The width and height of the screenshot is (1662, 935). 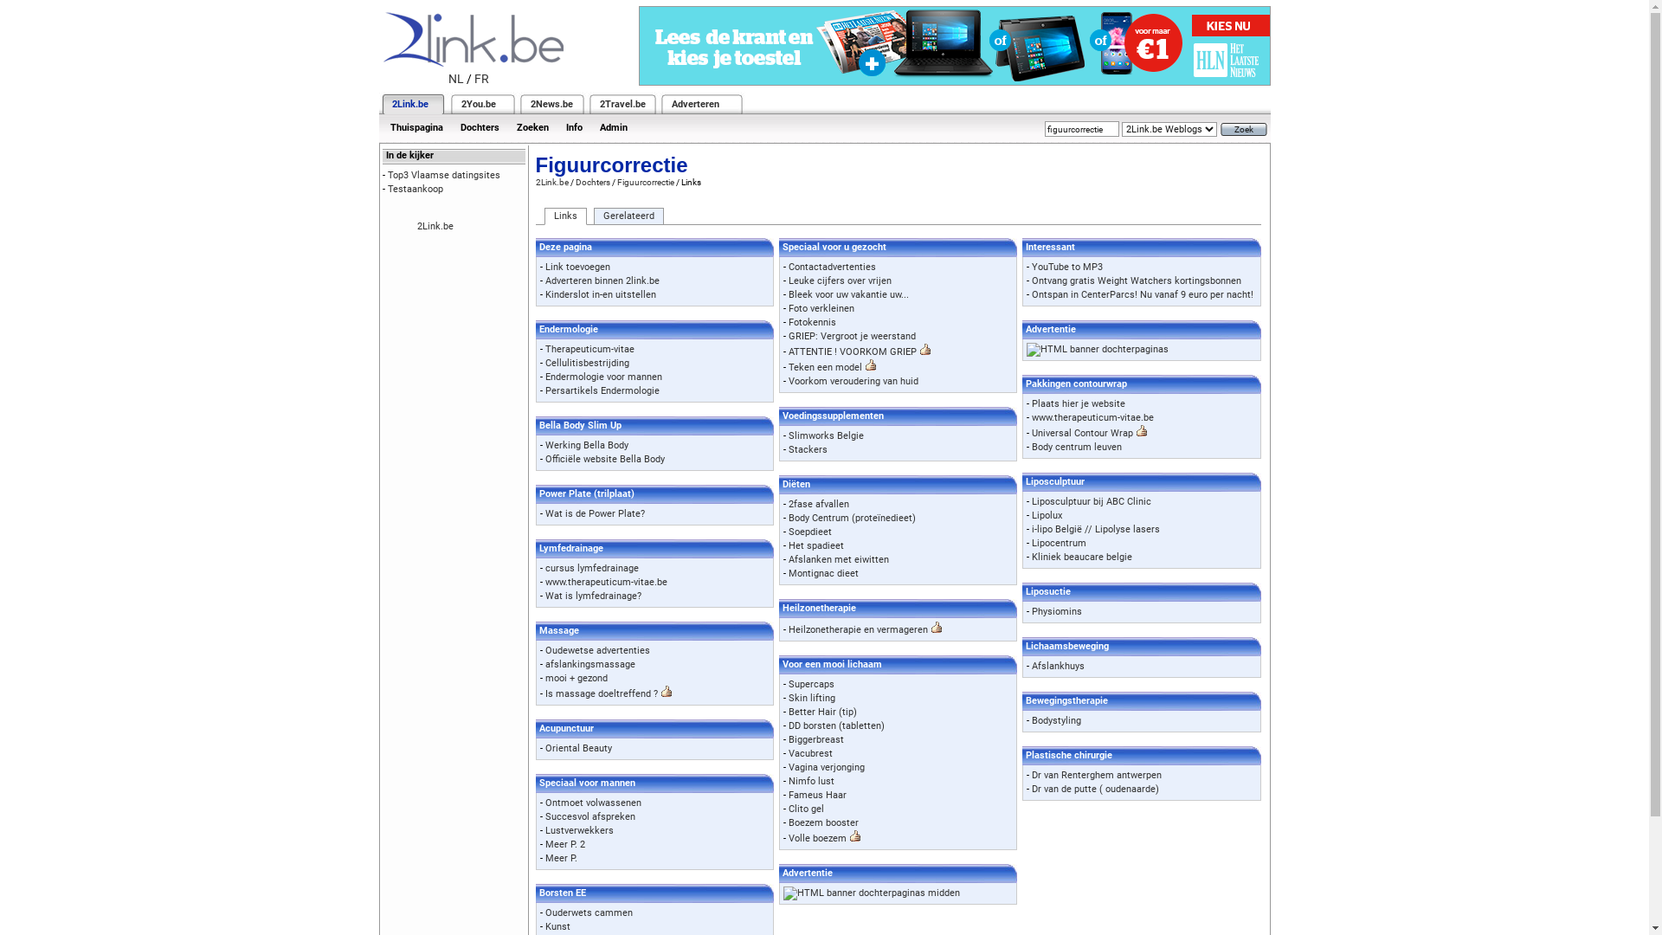 What do you see at coordinates (1031, 789) in the screenshot?
I see `'Dr van de putte ( oudenaarde)'` at bounding box center [1031, 789].